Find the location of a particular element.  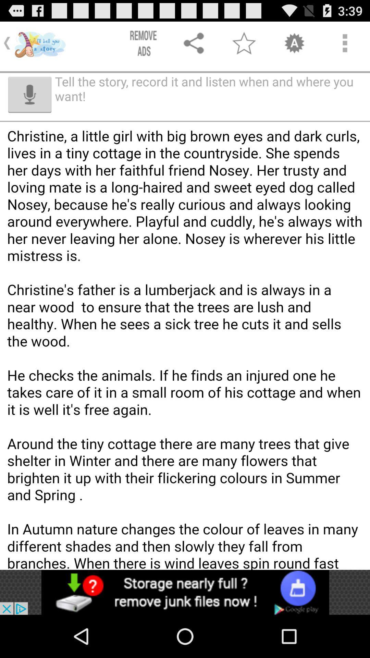

the full page is located at coordinates (185, 368).